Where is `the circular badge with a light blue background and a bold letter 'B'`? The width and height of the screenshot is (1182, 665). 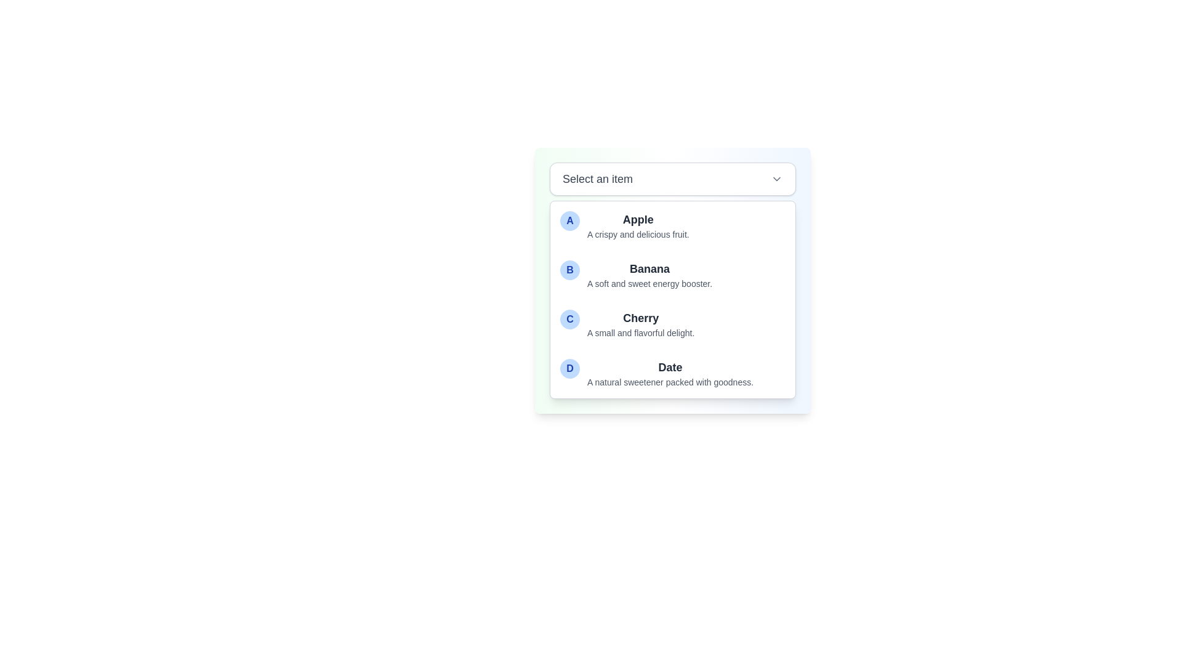 the circular badge with a light blue background and a bold letter 'B' is located at coordinates (569, 270).